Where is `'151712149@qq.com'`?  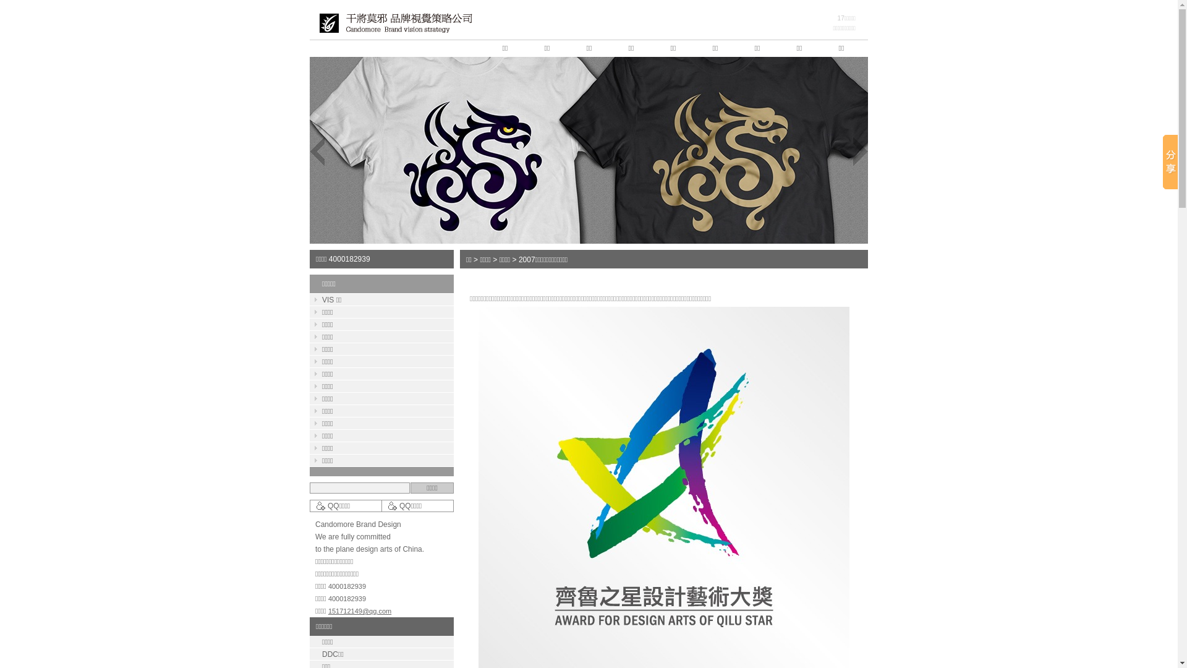
'151712149@qq.com' is located at coordinates (328, 610).